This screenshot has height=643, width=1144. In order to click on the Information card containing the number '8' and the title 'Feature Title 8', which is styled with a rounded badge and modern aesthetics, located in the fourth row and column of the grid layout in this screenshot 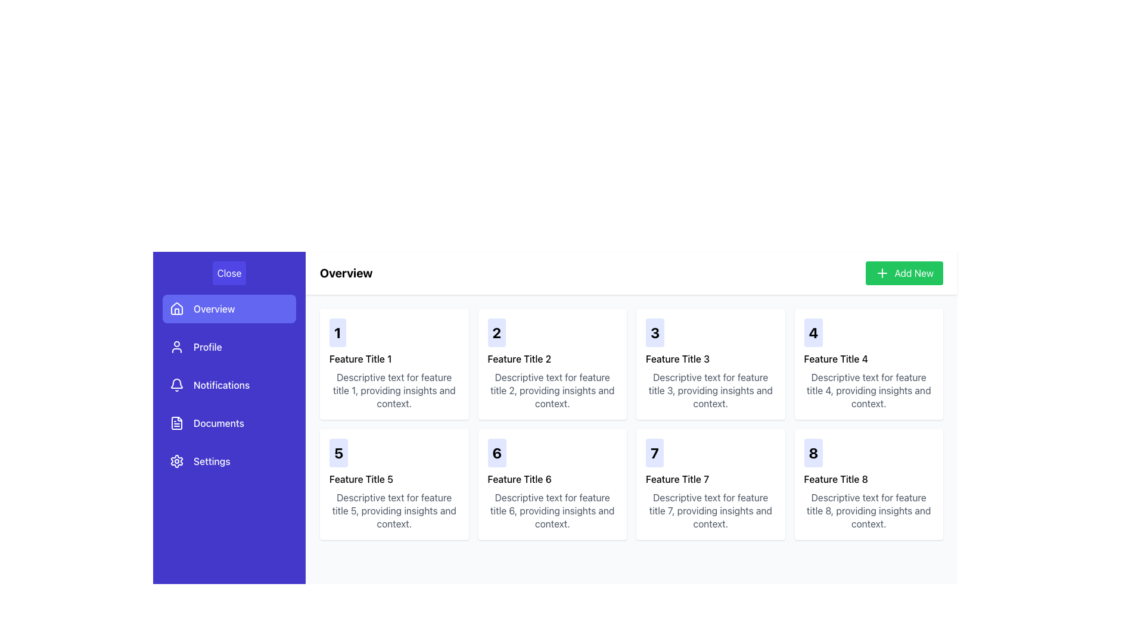, I will do `click(869, 484)`.